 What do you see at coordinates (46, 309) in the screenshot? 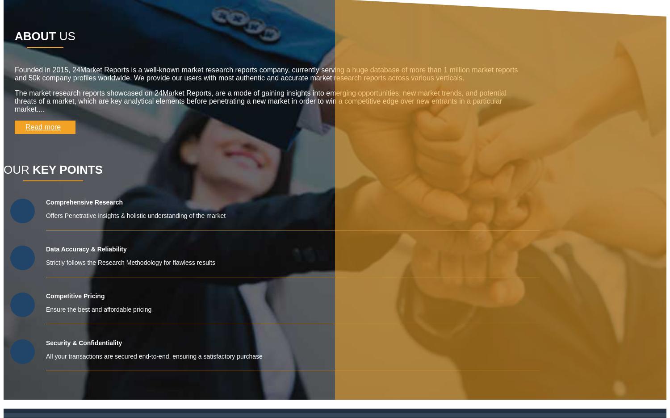
I see `'Ensure the best and affordable pricing'` at bounding box center [46, 309].